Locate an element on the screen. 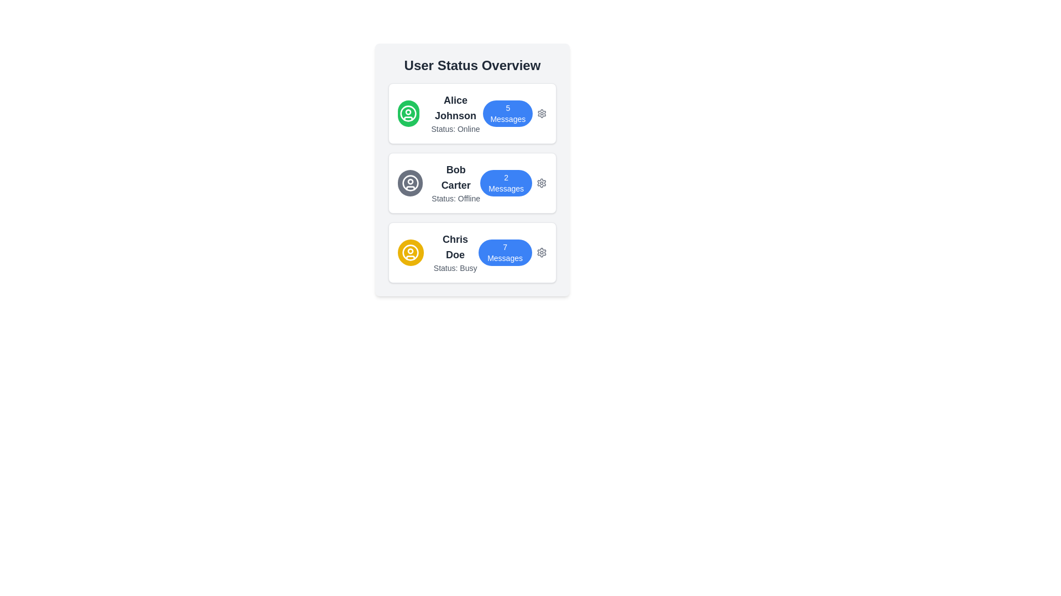 The height and width of the screenshot is (596, 1061). the message count label for 'Chris Doe' is located at coordinates (512, 253).